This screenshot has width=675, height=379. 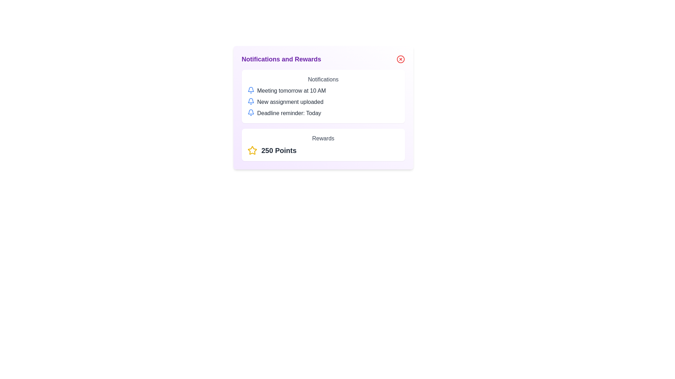 What do you see at coordinates (400, 59) in the screenshot?
I see `the decorative black dot of the close button located in the top-right corner of the Notifications and Rewards panel` at bounding box center [400, 59].